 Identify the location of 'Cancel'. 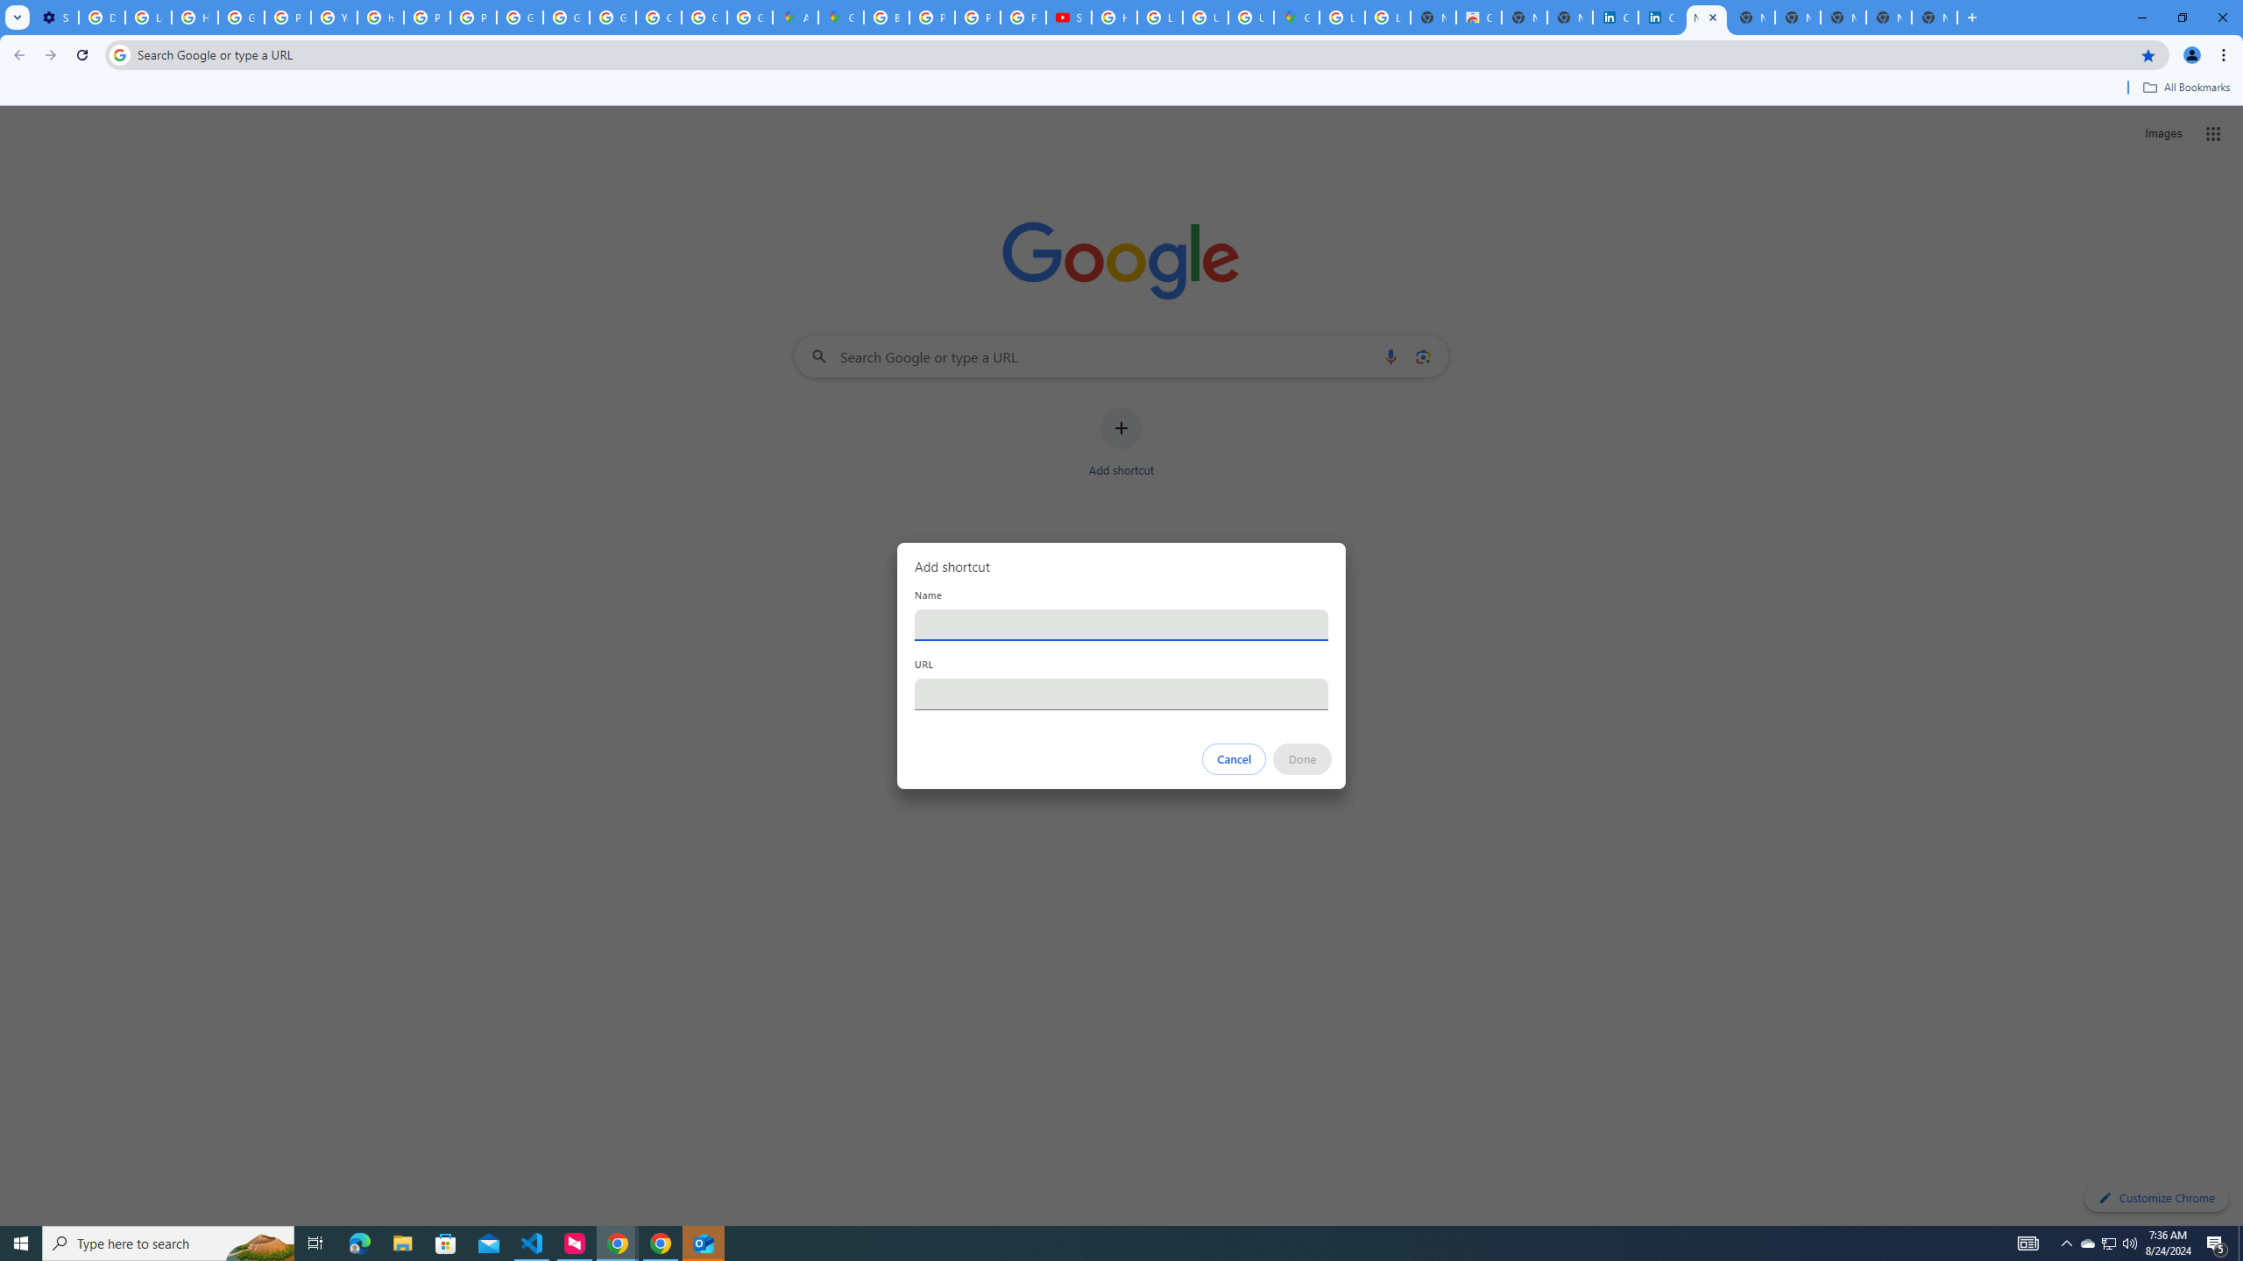
(1235, 758).